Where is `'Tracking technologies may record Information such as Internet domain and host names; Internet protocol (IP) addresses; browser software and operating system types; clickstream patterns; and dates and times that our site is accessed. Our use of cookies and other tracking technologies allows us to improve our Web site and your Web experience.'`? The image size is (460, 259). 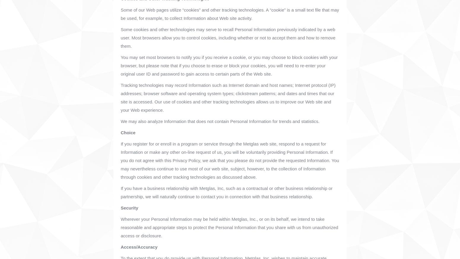
'Tracking technologies may record Information such as Internet domain and host names; Internet protocol (IP) addresses; browser software and operating system types; clickstream patterns; and dates and times that our site is accessed. Our use of cookies and other tracking technologies allows us to improve our Web site and your Web experience.' is located at coordinates (228, 97).